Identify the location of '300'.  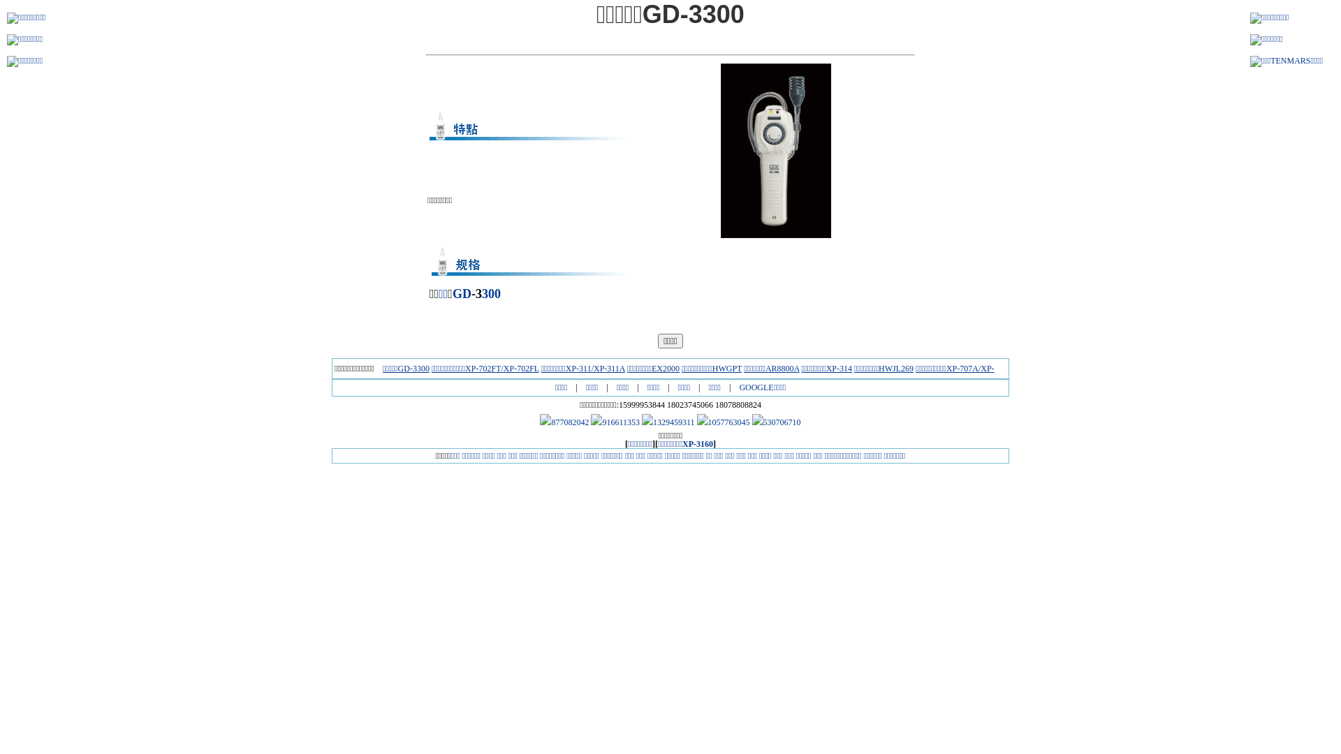
(482, 293).